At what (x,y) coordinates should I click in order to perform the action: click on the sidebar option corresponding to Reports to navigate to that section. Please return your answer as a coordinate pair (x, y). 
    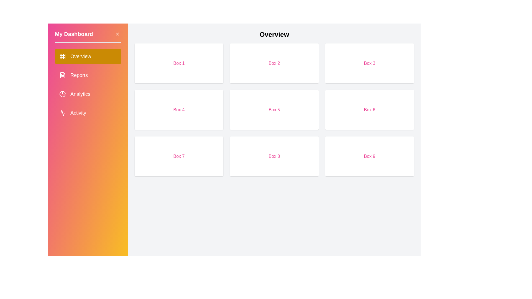
    Looking at the image, I should click on (88, 75).